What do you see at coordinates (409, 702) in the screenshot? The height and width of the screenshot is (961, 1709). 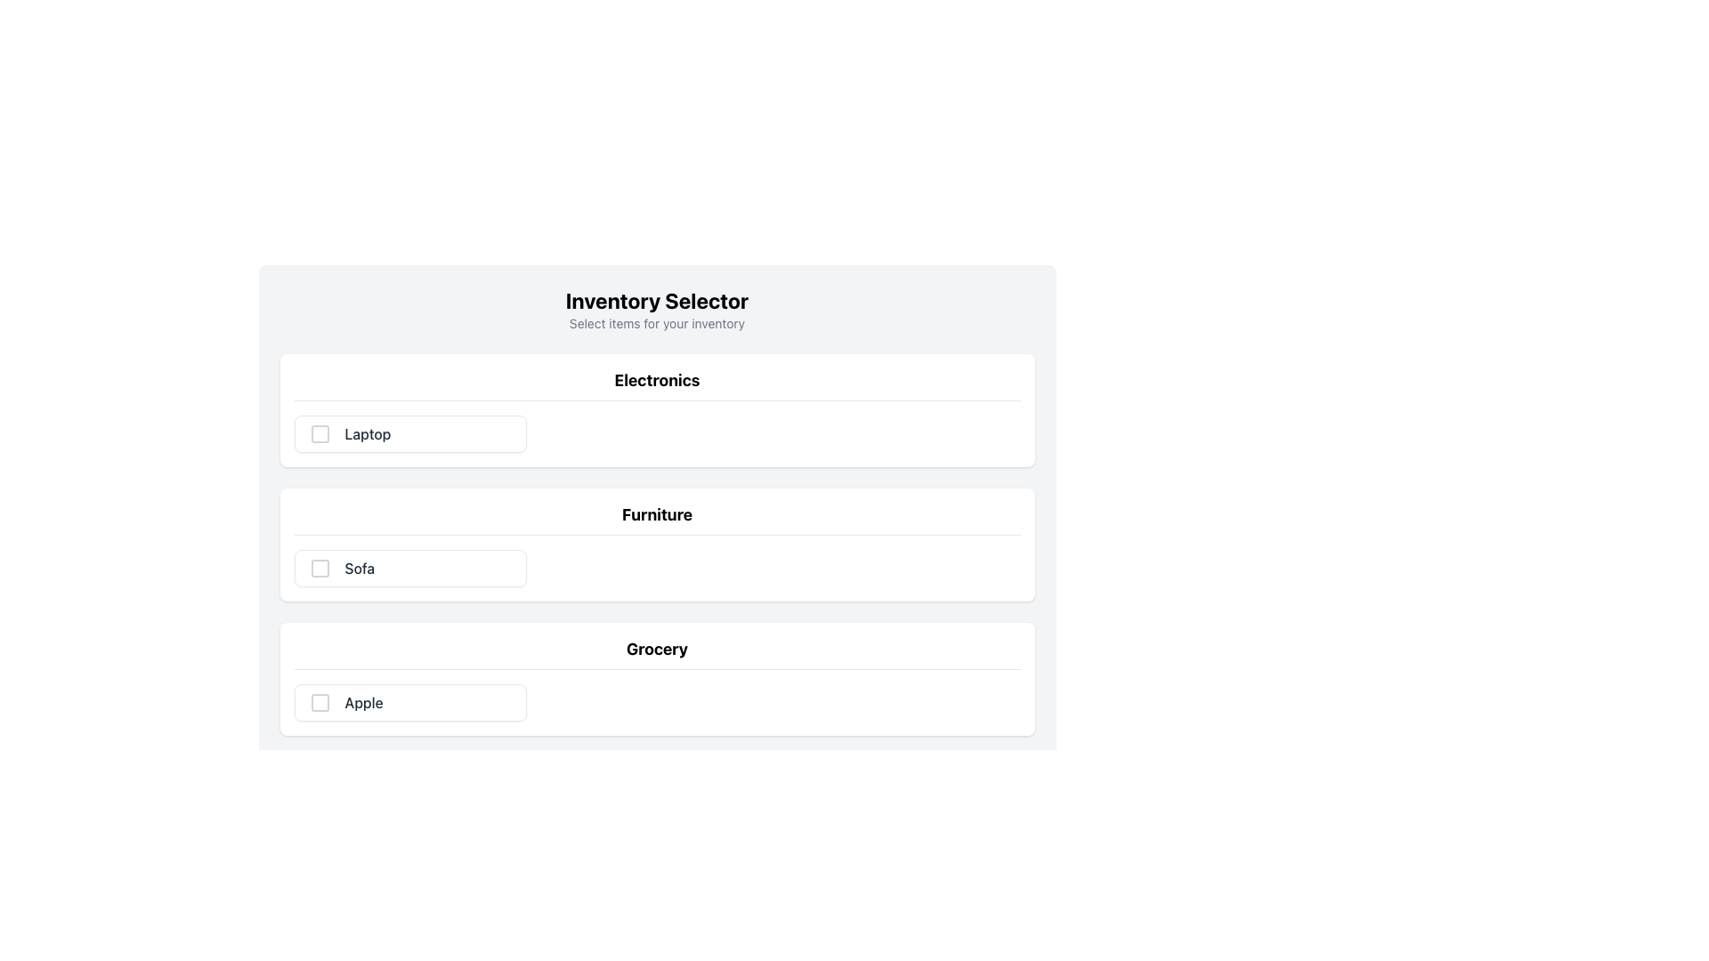 I see `the checkbox labeled 'Apple'` at bounding box center [409, 702].